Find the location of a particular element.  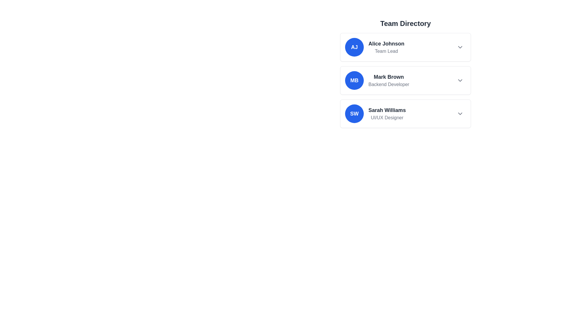

the text label displaying the name and job title of the third profile entry in the 'Team Directory', which is positioned to the right of the blue circular avatar with initials 'SW' is located at coordinates (387, 113).